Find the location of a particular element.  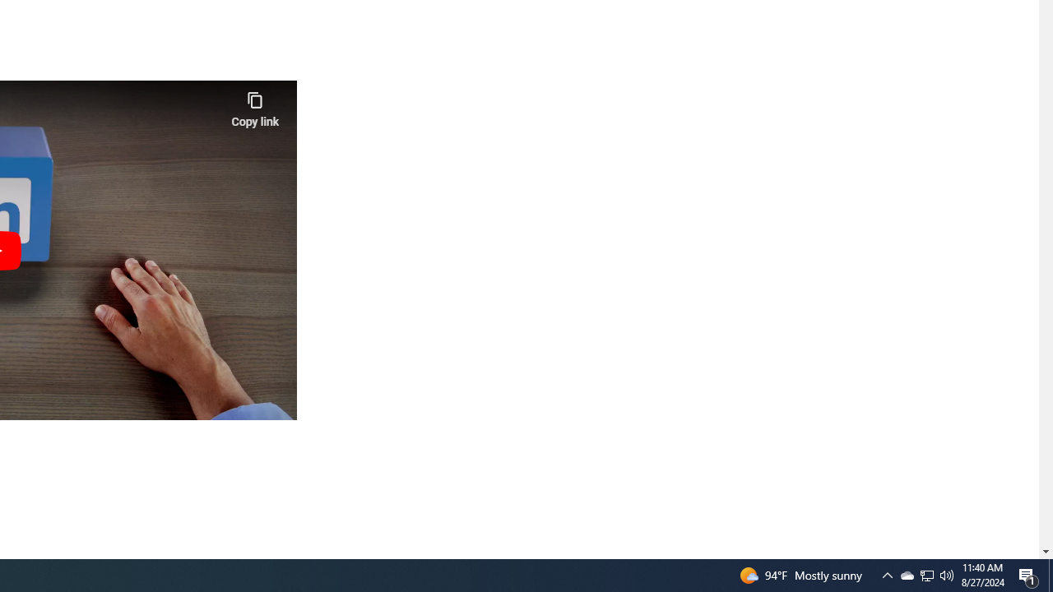

'Copy link' is located at coordinates (254, 105).